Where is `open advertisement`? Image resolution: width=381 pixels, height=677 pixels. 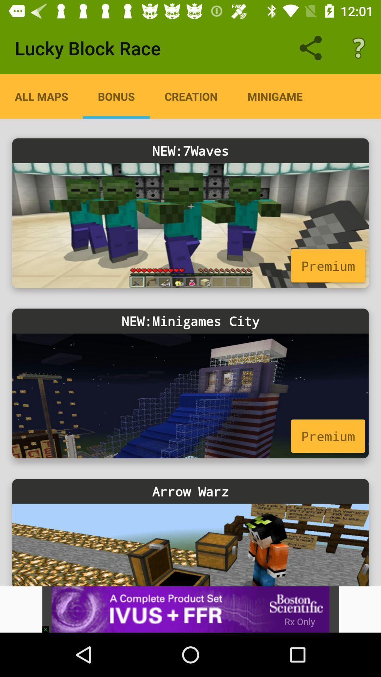
open advertisement is located at coordinates (190, 609).